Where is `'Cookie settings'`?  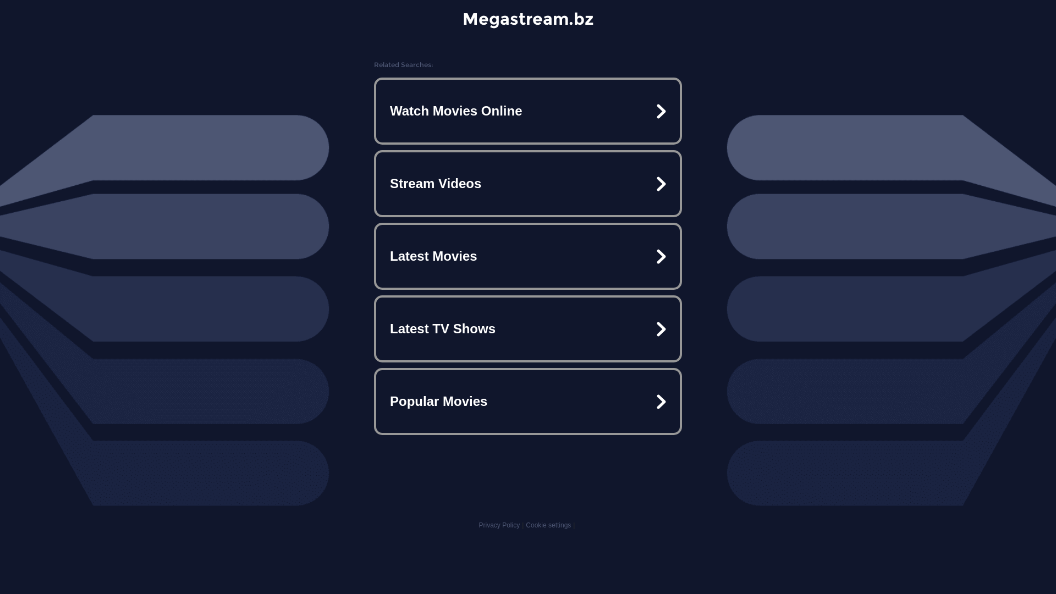 'Cookie settings' is located at coordinates (548, 525).